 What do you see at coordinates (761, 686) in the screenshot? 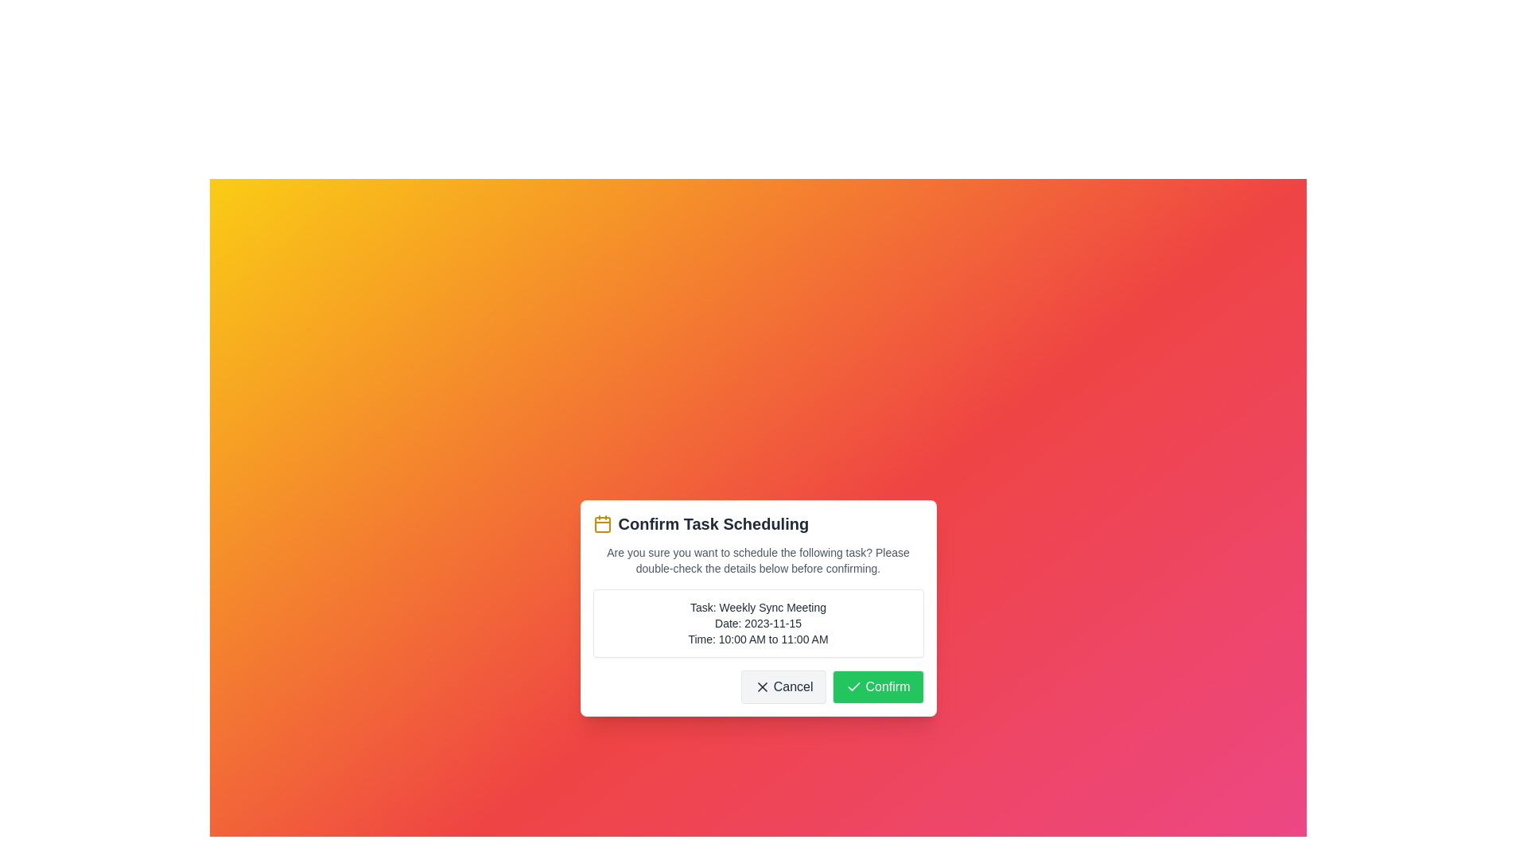
I see `the SVG icon shaped like an 'X' located on the left side of the 'Cancel' button with a light gray background` at bounding box center [761, 686].